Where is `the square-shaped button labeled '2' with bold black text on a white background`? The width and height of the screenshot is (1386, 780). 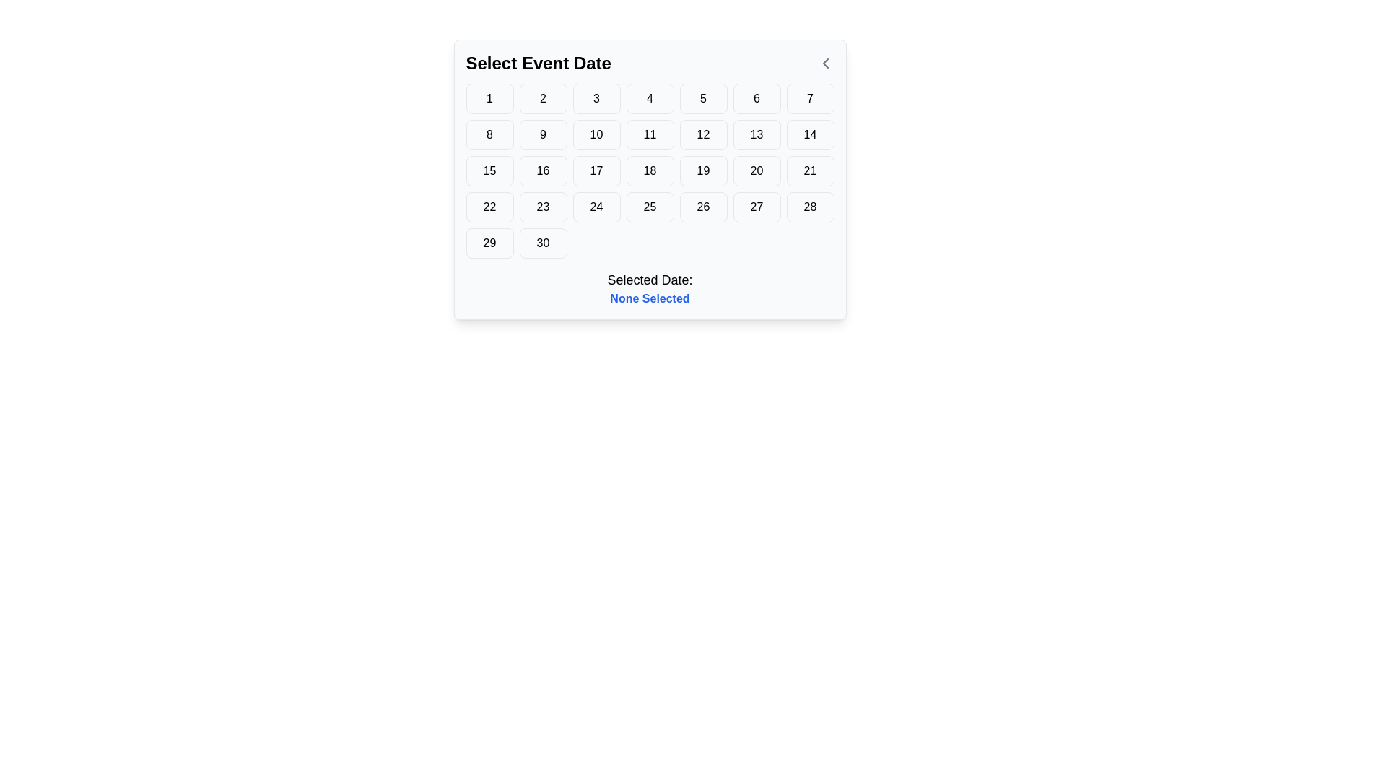
the square-shaped button labeled '2' with bold black text on a white background is located at coordinates (542, 98).